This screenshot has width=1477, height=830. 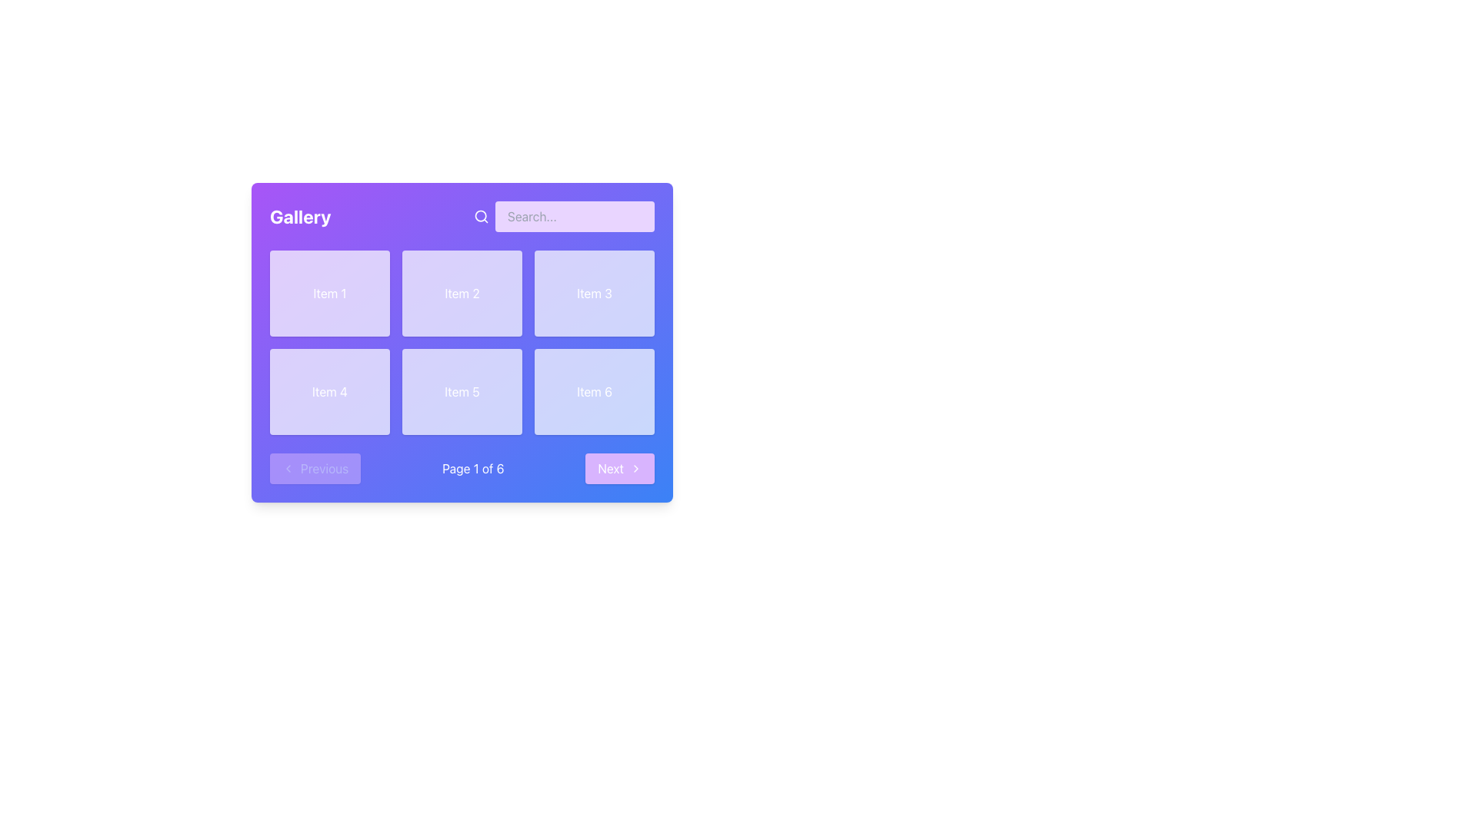 I want to click on the text label in the second row, first column of the grid layout to trigger an effect, so click(x=328, y=390).